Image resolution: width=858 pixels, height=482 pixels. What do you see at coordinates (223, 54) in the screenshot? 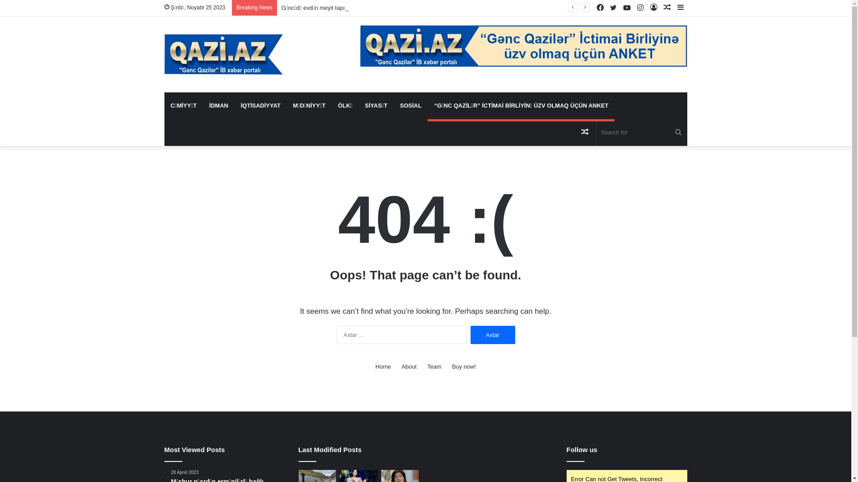
I see `'Qazi.az'` at bounding box center [223, 54].